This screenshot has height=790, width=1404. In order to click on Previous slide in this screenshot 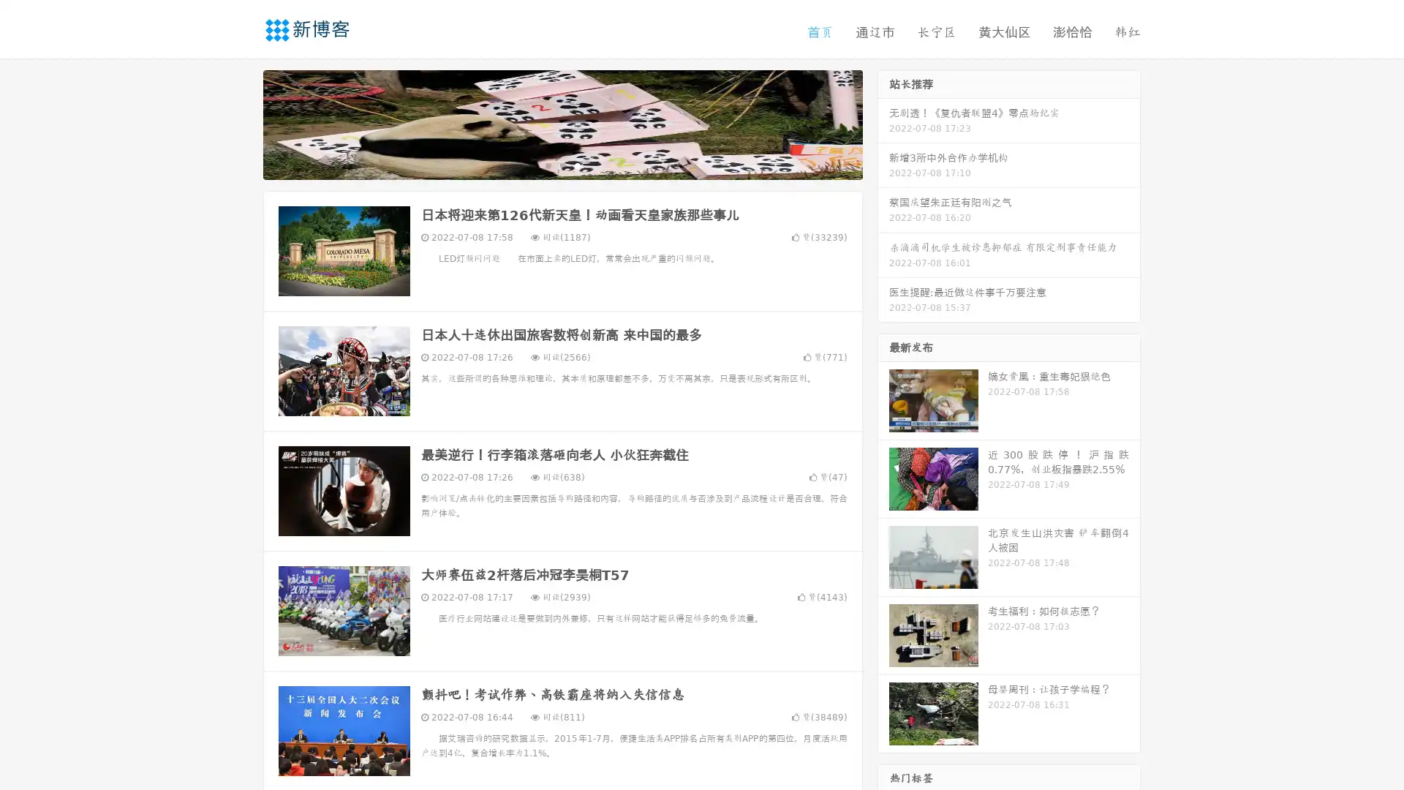, I will do `click(241, 123)`.